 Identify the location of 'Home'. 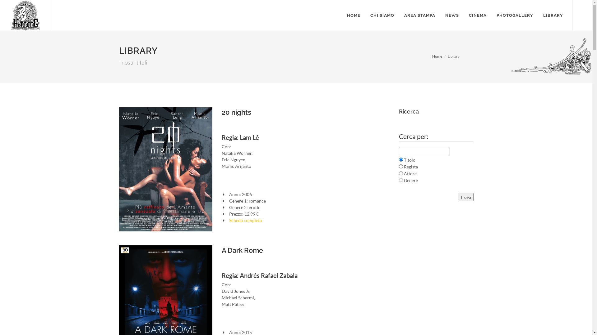
(437, 56).